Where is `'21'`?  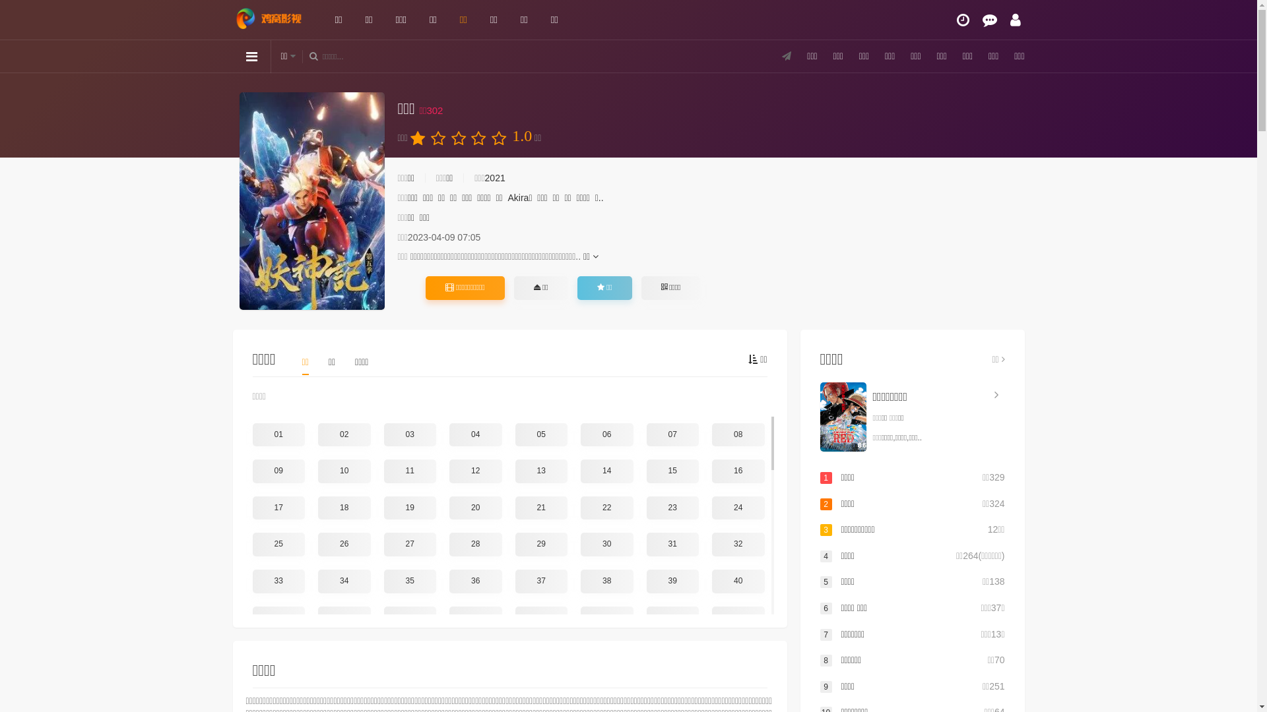
'21' is located at coordinates (513, 508).